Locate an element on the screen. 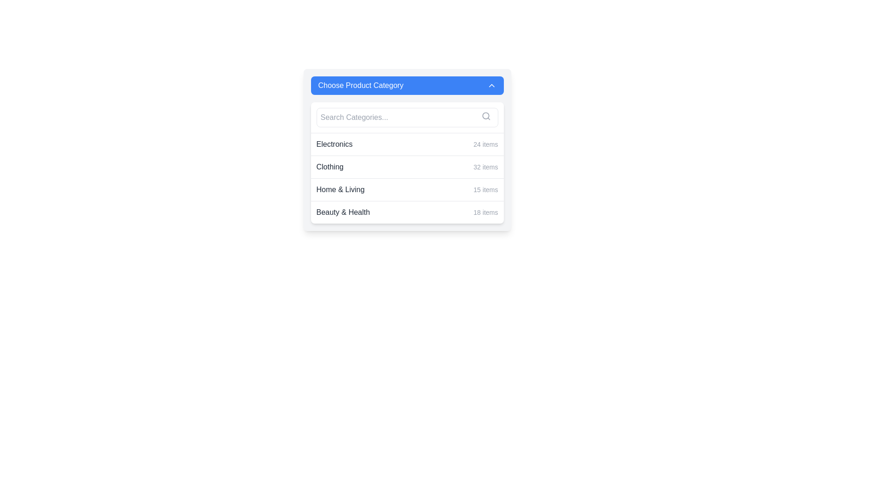 The image size is (890, 500). the informational text label indicating the count of items available under the 'Beauty & Health' category, located in the fourth row of the dropdown menu, adjacent to 'Beauty & Health' is located at coordinates (485, 212).